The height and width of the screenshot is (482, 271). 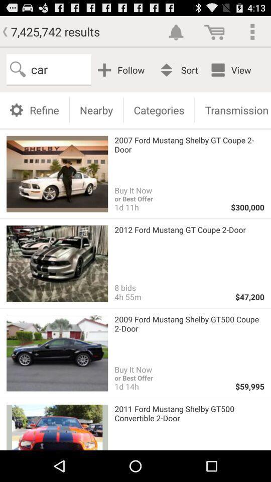 I want to click on the item to the left of best match app, so click(x=123, y=69).